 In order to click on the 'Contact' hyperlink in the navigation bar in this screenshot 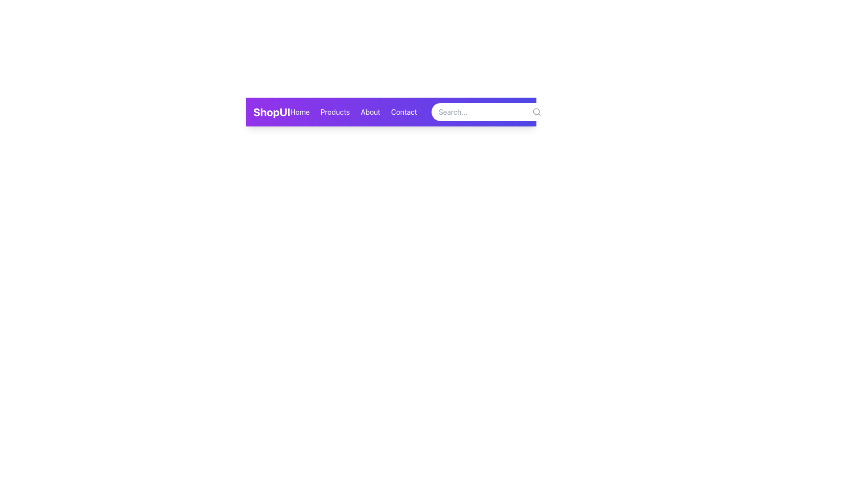, I will do `click(403, 112)`.